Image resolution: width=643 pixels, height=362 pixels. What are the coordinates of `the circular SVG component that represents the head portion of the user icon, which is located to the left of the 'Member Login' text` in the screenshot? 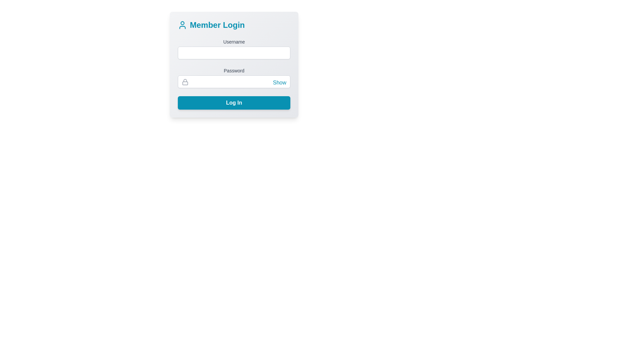 It's located at (183, 23).